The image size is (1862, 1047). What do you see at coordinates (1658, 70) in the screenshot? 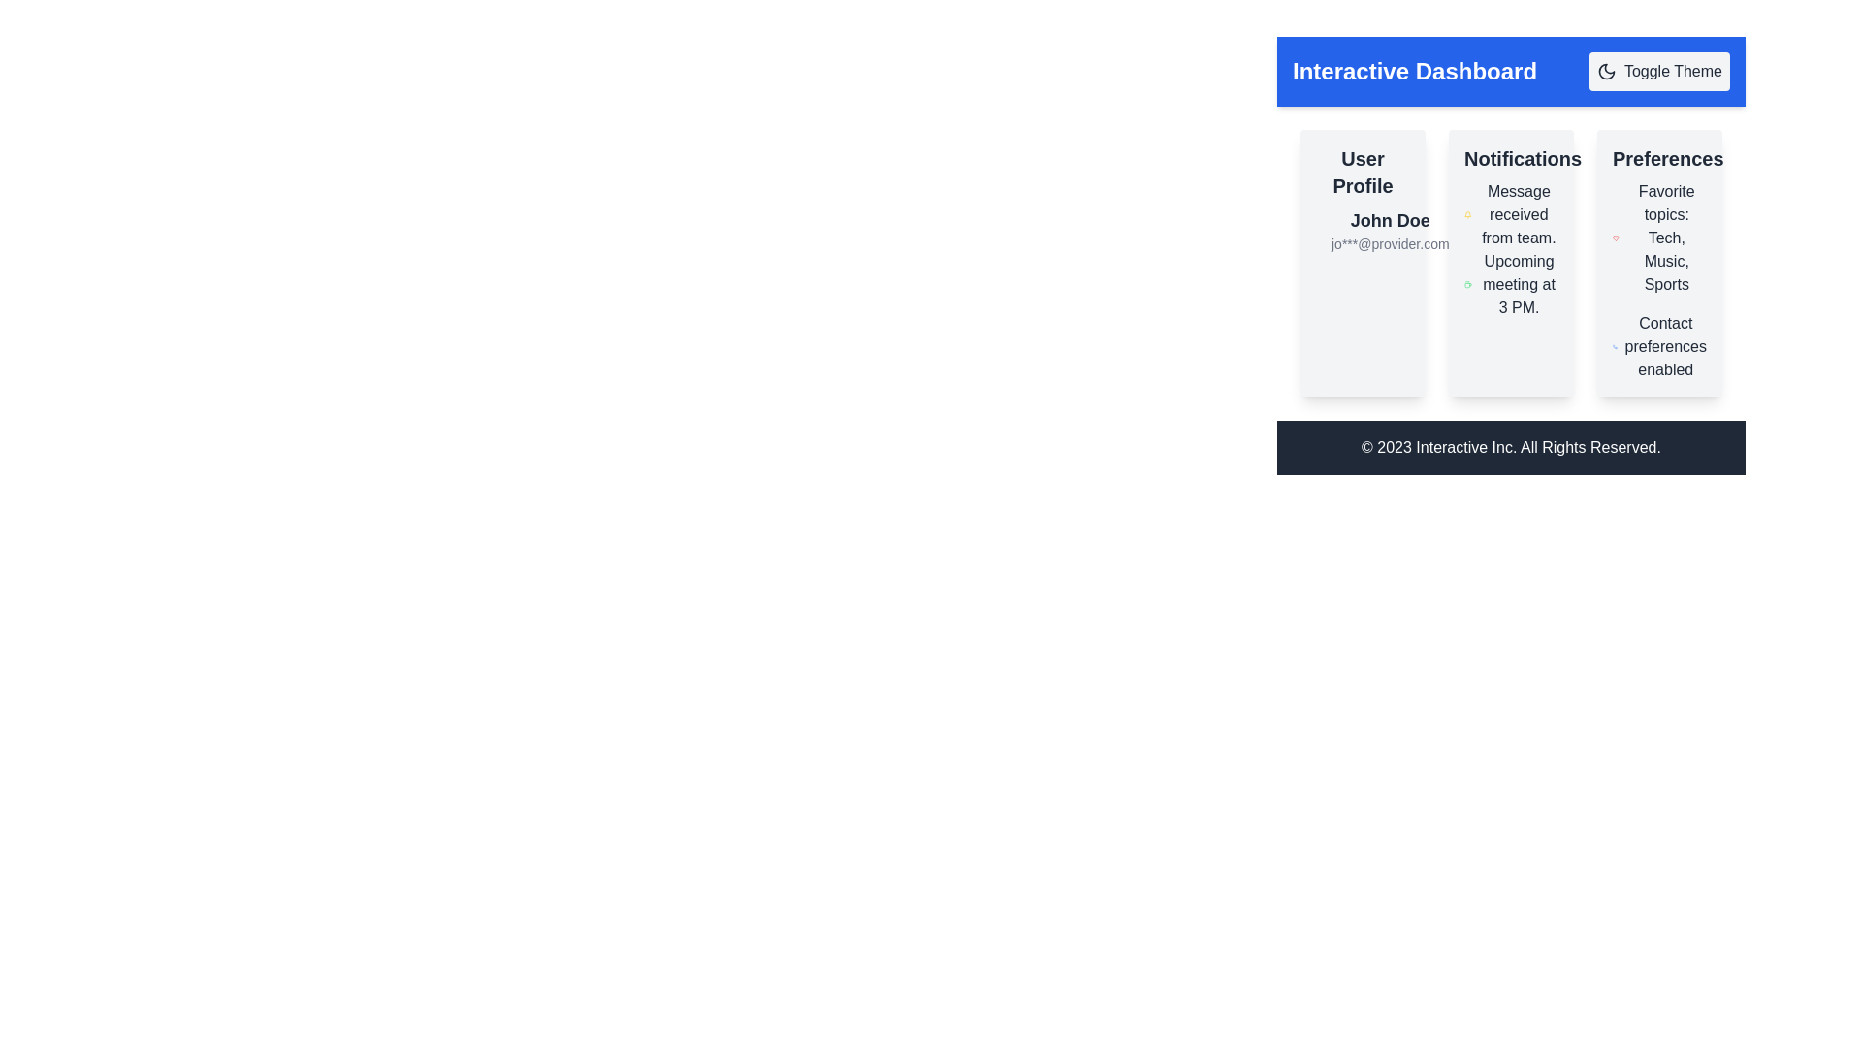
I see `the theme toggle button located in the top-right corner of the 'Interactive Dashboard' navigation bar` at bounding box center [1658, 70].